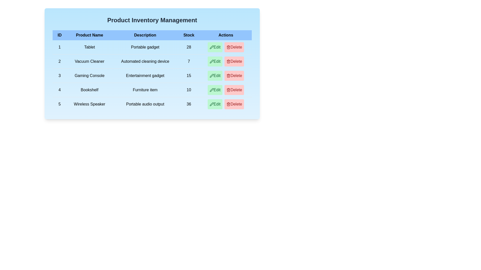  Describe the element at coordinates (211, 104) in the screenshot. I see `the green outlined pen icon in the 'Actions' column of the last row of the table` at that location.